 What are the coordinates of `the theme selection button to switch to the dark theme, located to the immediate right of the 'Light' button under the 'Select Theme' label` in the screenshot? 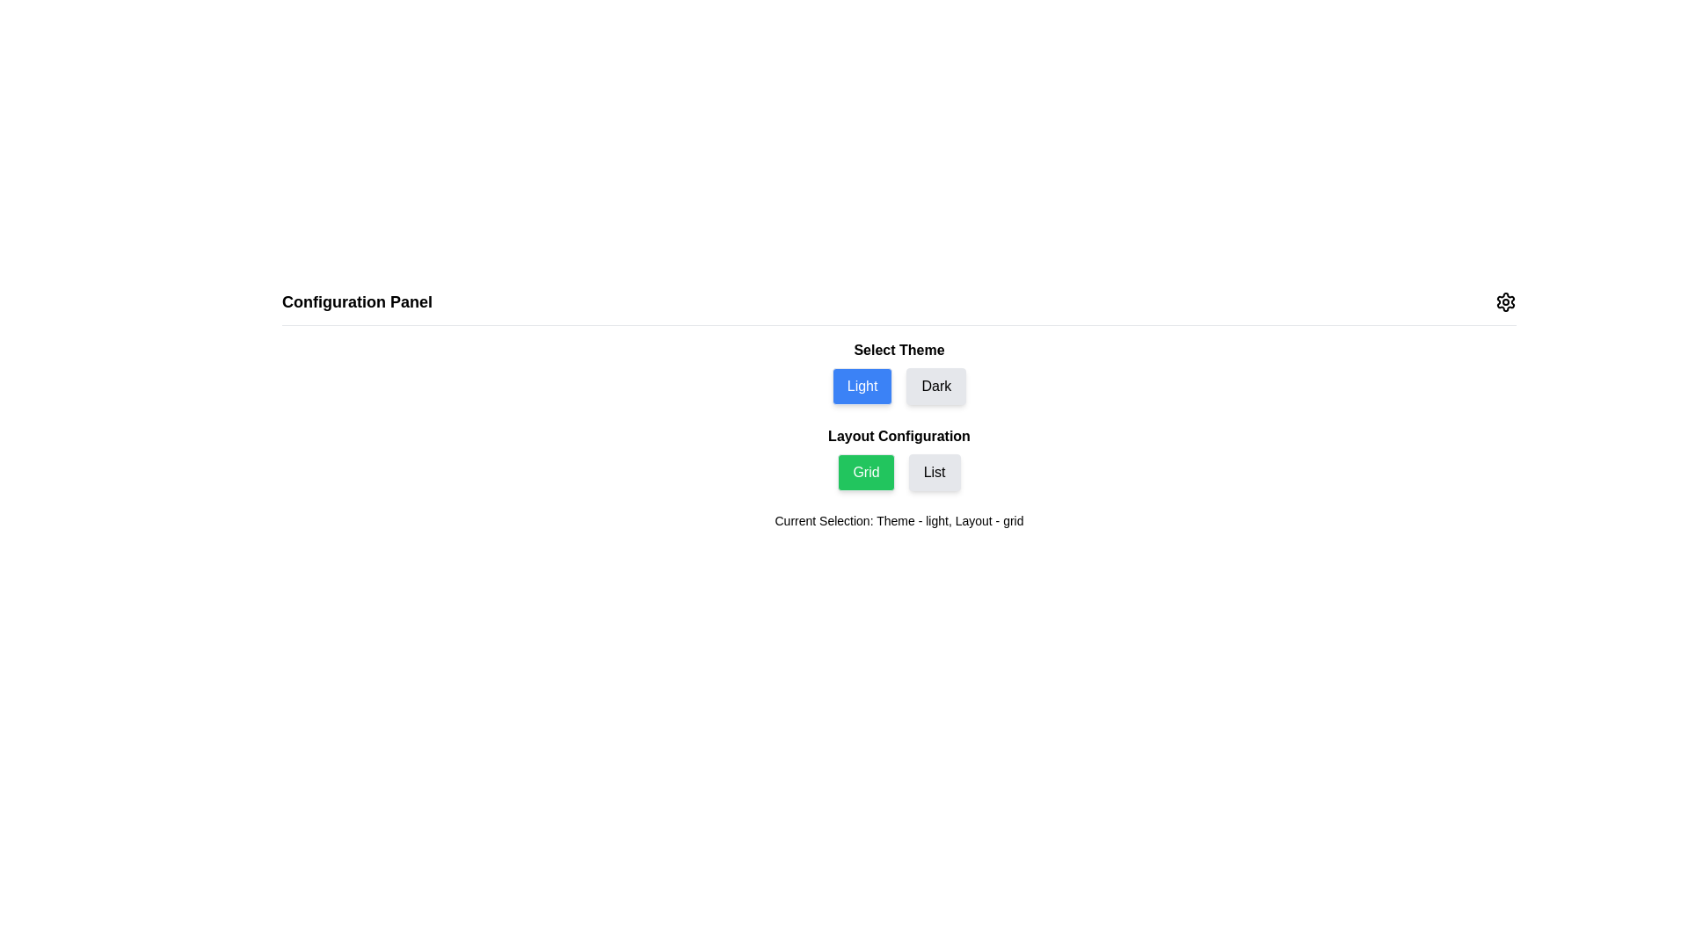 It's located at (935, 385).